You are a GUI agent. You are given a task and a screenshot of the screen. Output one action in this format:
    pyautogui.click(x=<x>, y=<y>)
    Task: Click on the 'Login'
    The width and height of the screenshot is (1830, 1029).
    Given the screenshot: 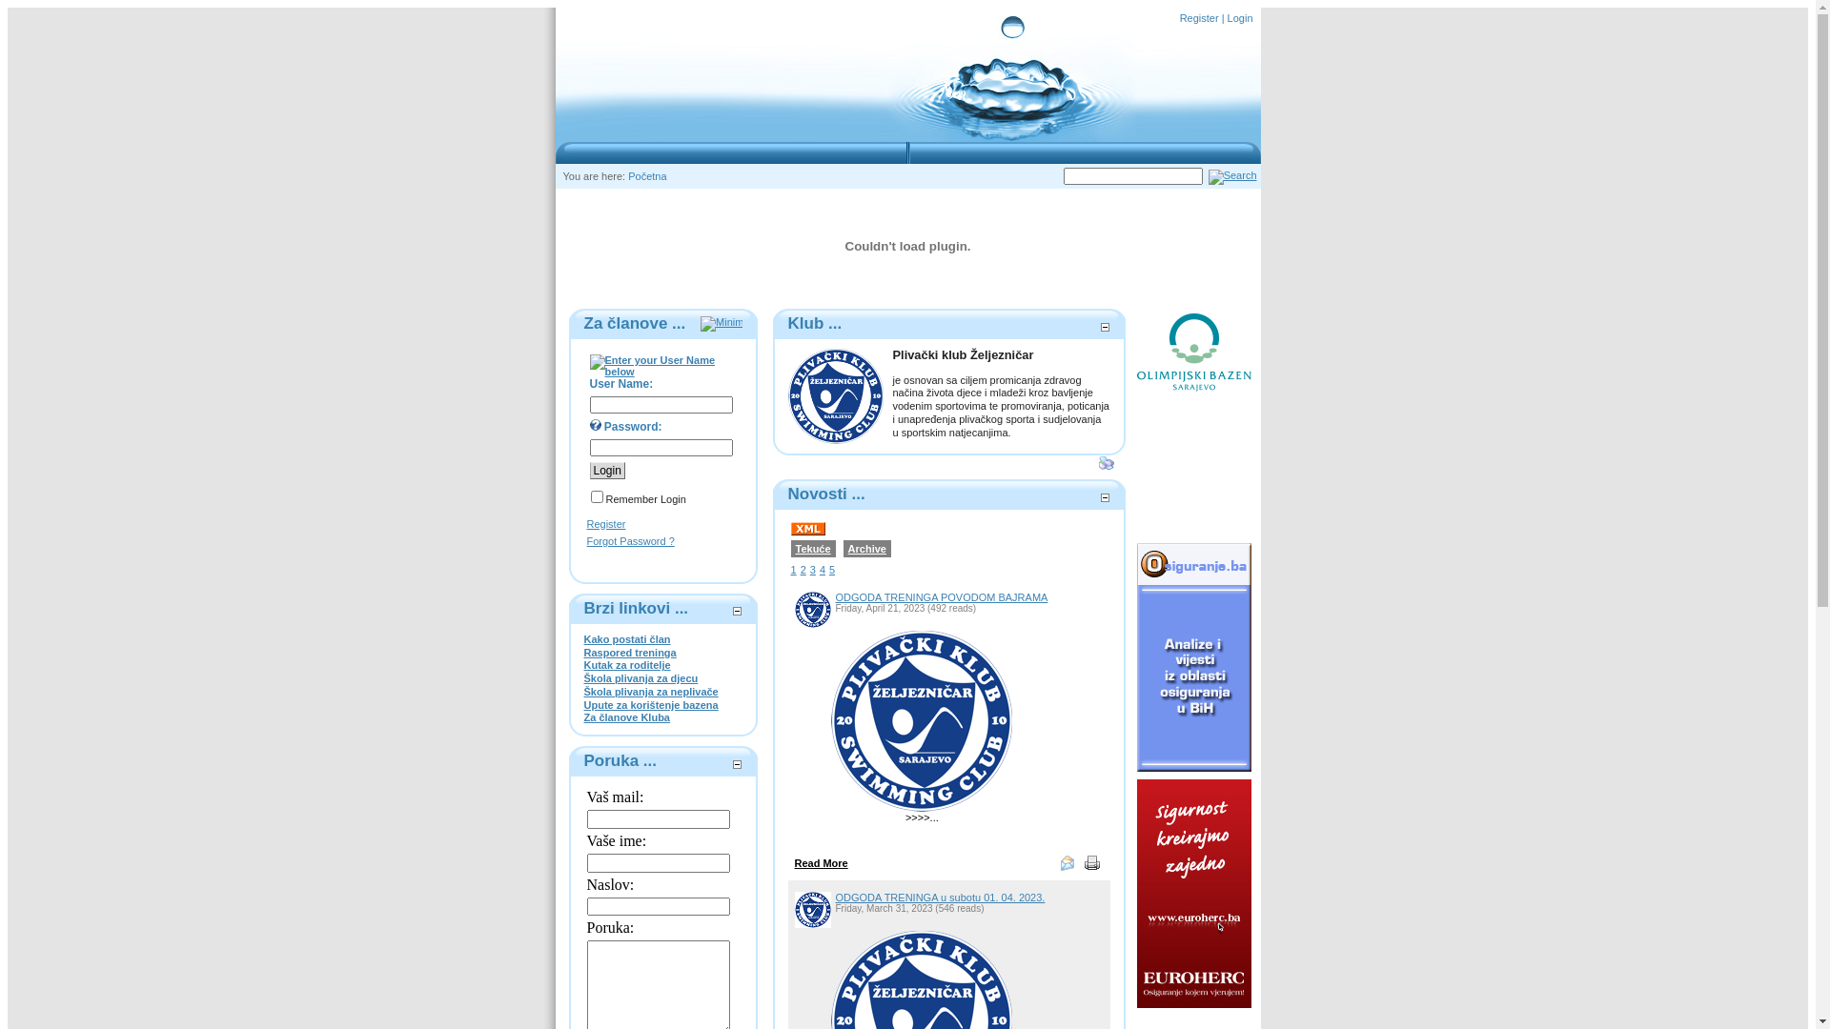 What is the action you would take?
    pyautogui.click(x=1240, y=18)
    